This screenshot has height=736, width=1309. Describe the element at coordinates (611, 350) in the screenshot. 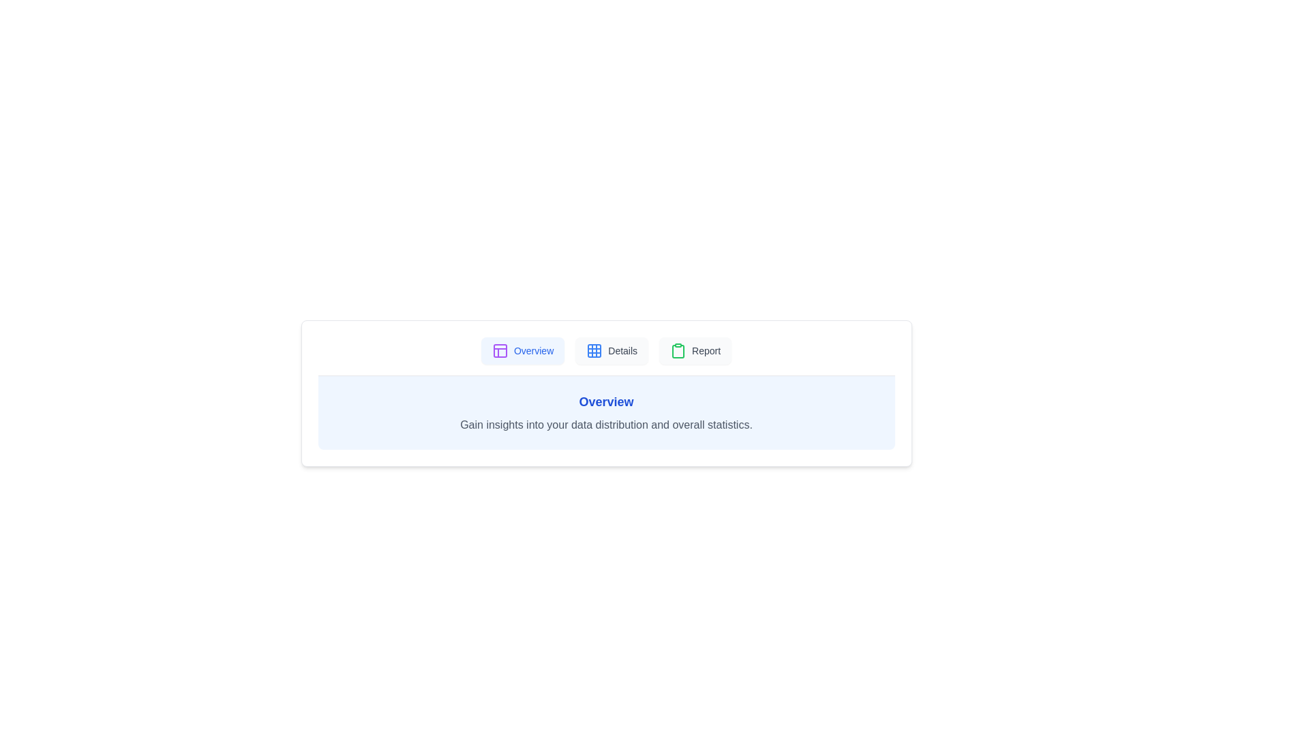

I see `the tab labeled Details and read its content` at that location.